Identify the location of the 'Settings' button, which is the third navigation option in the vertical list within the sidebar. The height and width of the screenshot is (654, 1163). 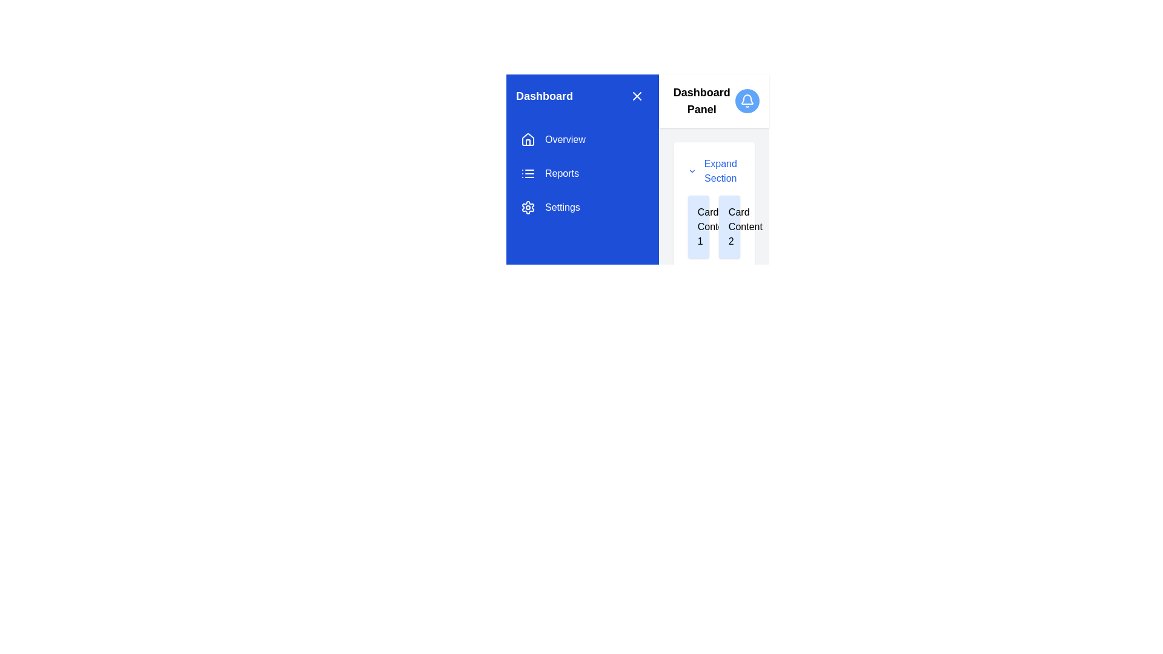
(582, 207).